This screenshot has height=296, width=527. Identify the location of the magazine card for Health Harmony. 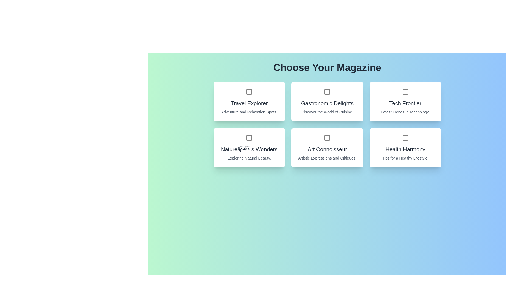
(405, 147).